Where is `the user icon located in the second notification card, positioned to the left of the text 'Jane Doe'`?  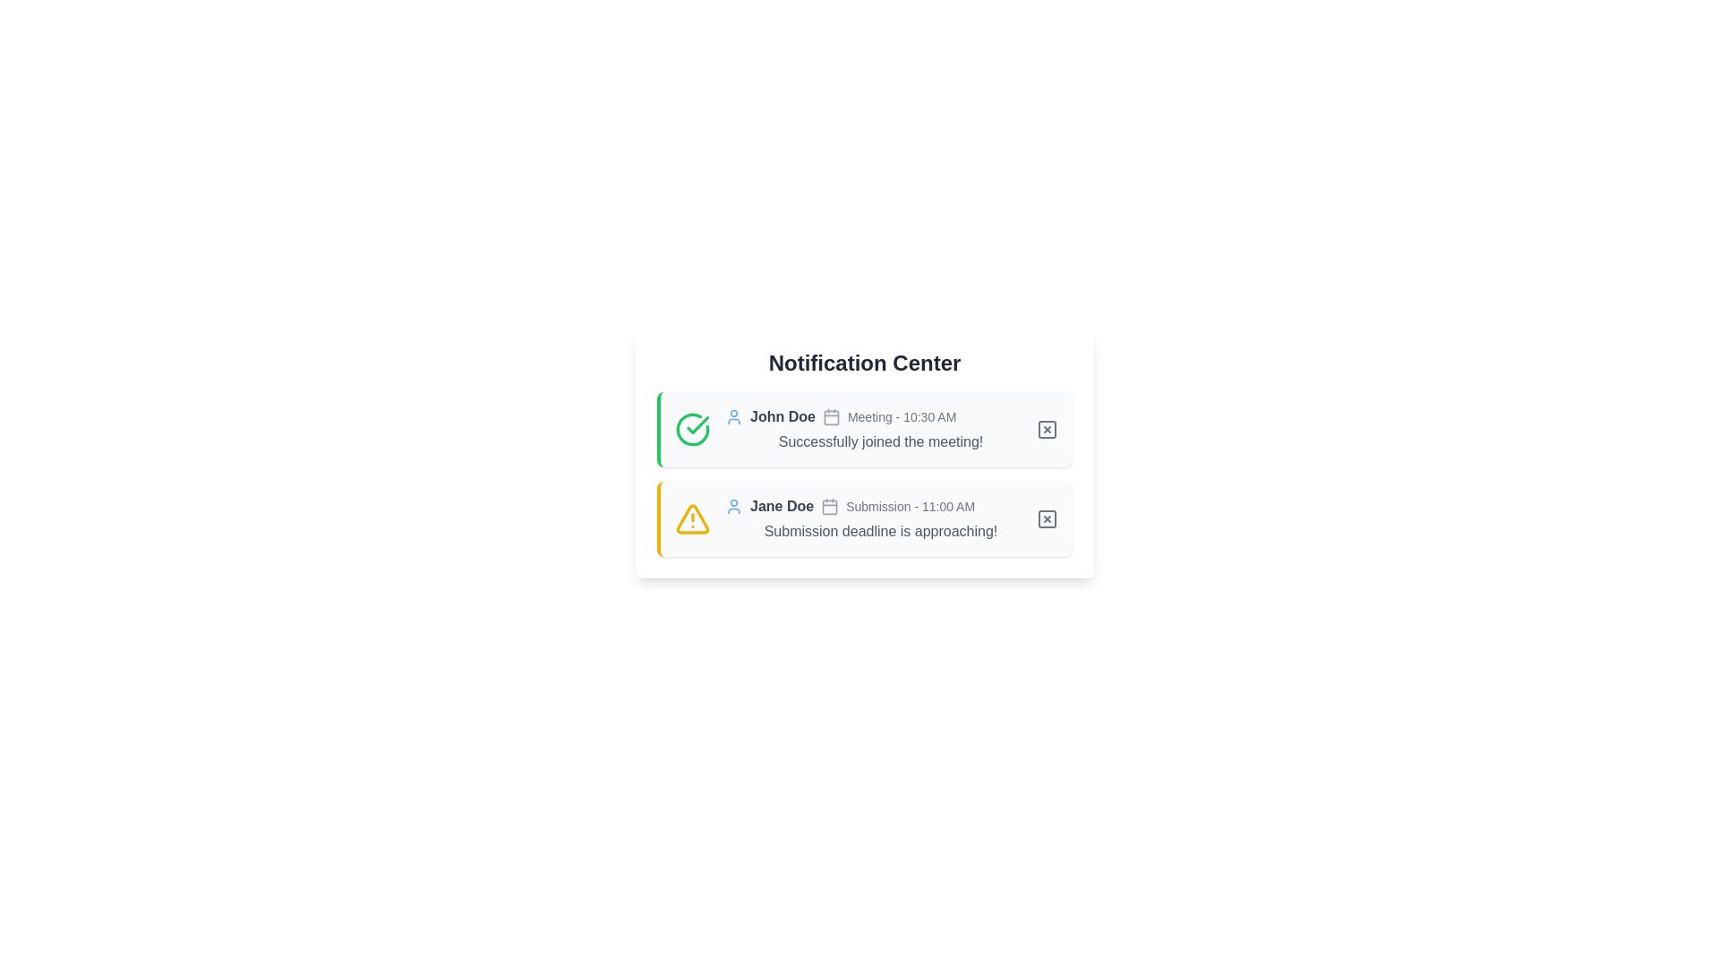
the user icon located in the second notification card, positioned to the left of the text 'Jane Doe' is located at coordinates (734, 507).